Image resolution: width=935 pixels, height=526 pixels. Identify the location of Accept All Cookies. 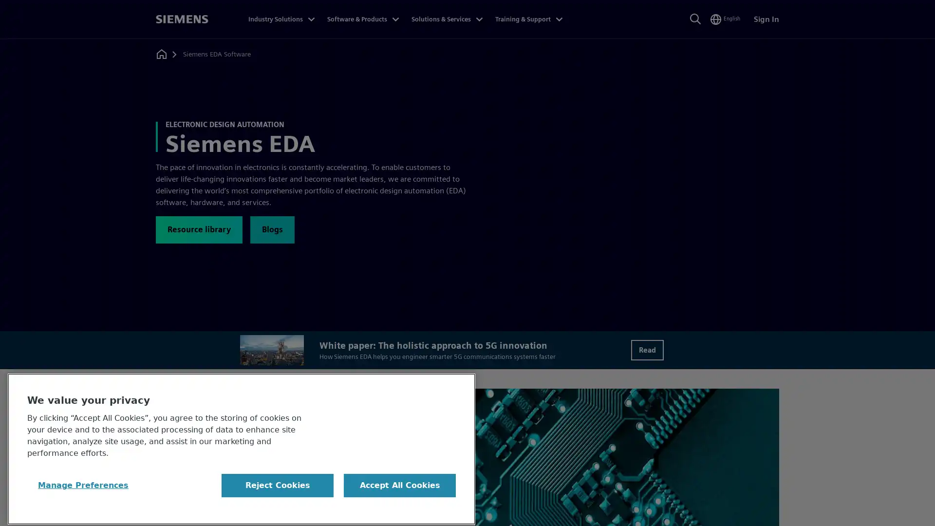
(399, 478).